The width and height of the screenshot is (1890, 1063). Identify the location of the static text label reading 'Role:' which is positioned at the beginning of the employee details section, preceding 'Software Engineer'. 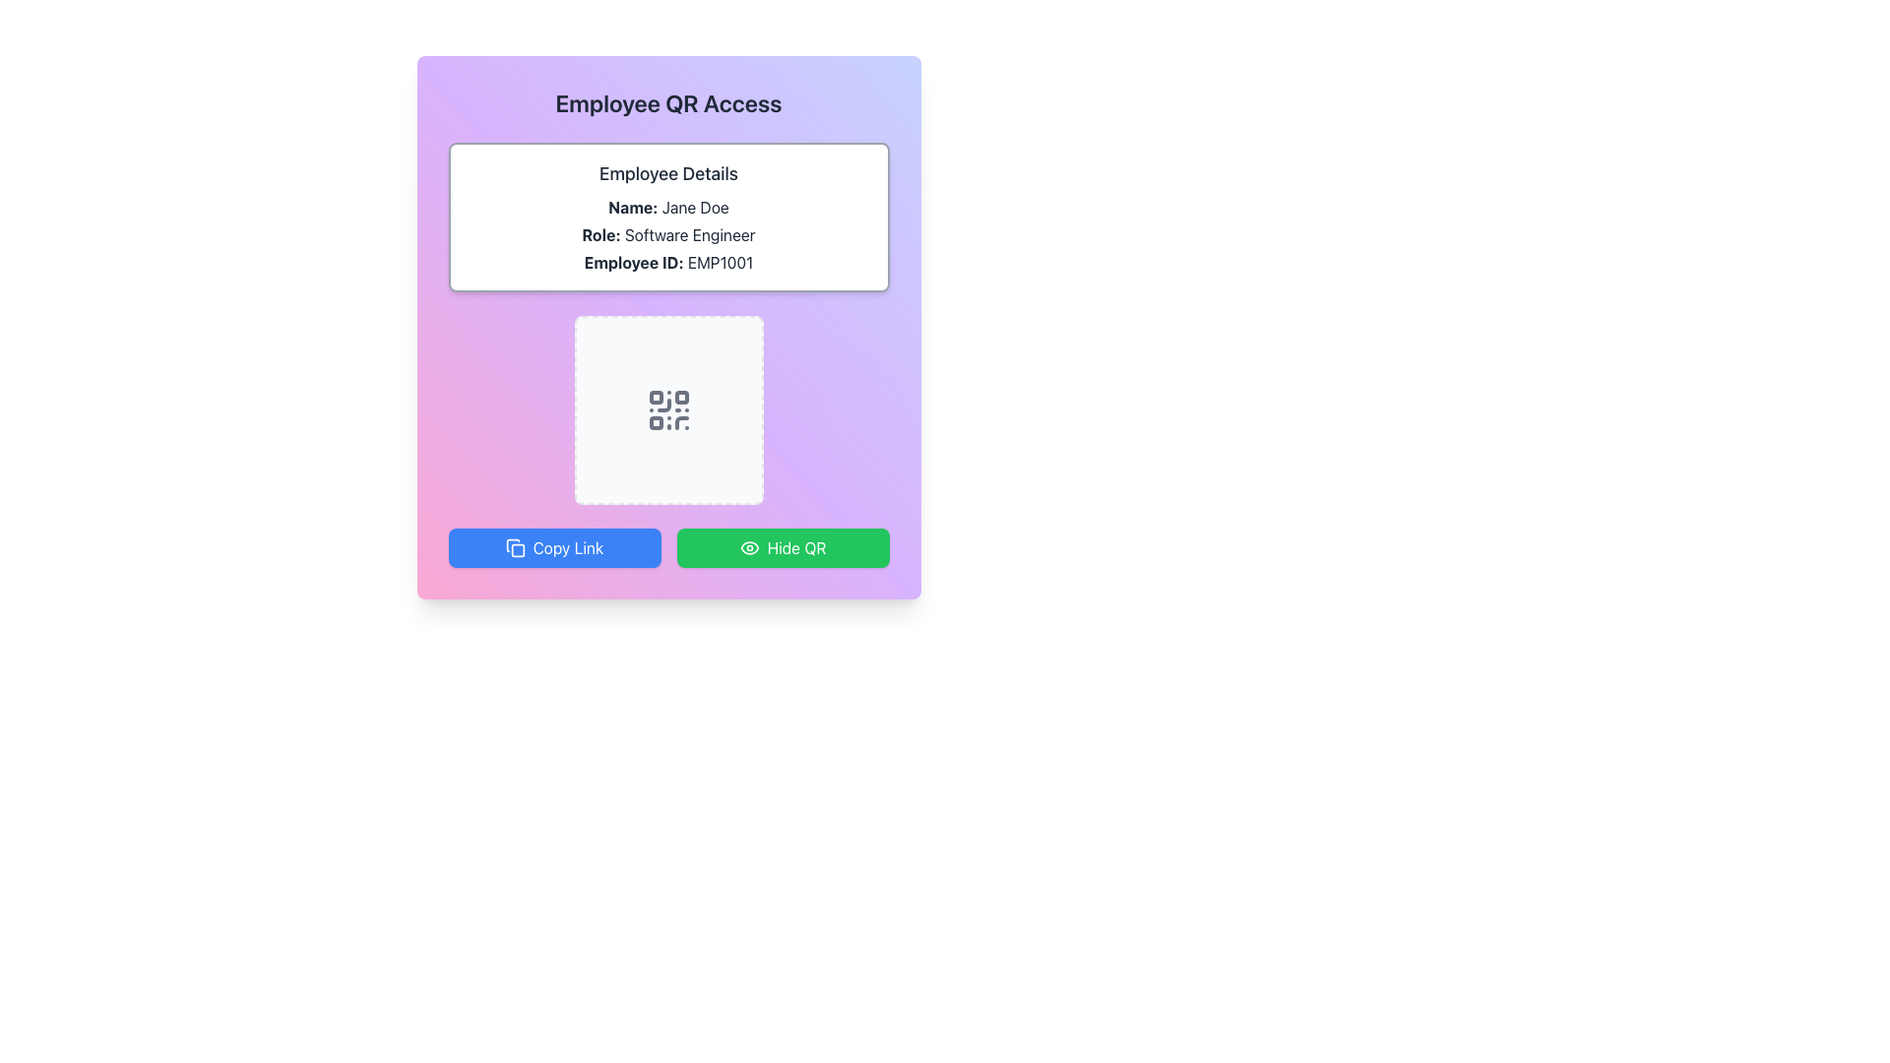
(600, 234).